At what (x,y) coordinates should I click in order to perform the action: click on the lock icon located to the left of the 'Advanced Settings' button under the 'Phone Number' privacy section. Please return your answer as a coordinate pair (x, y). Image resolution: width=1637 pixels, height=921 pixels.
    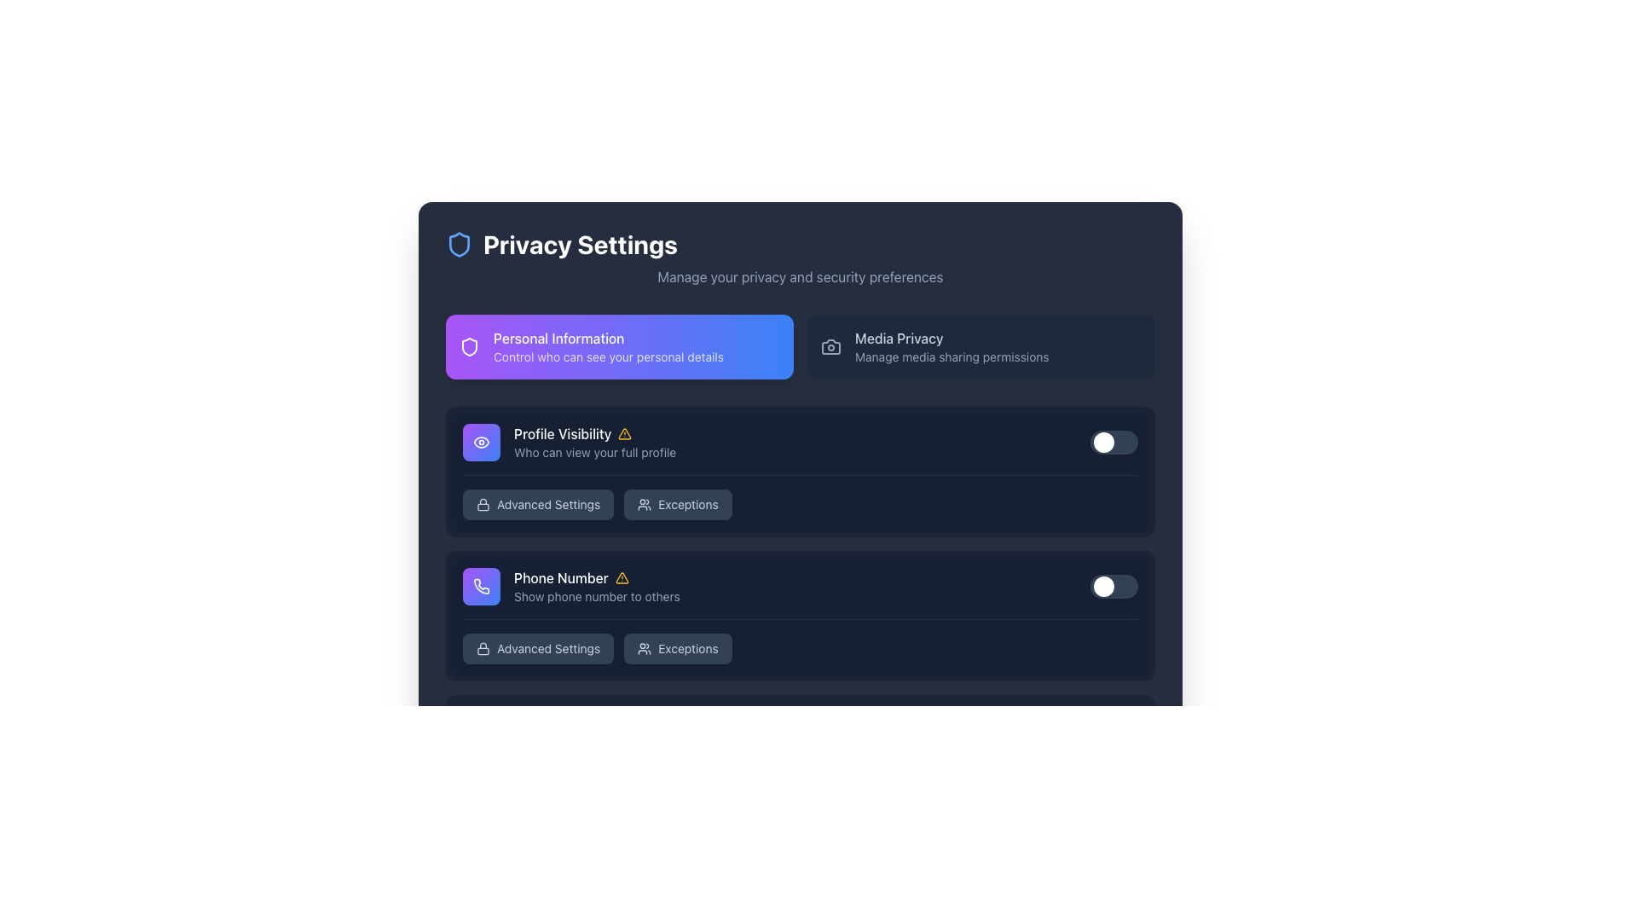
    Looking at the image, I should click on (482, 792).